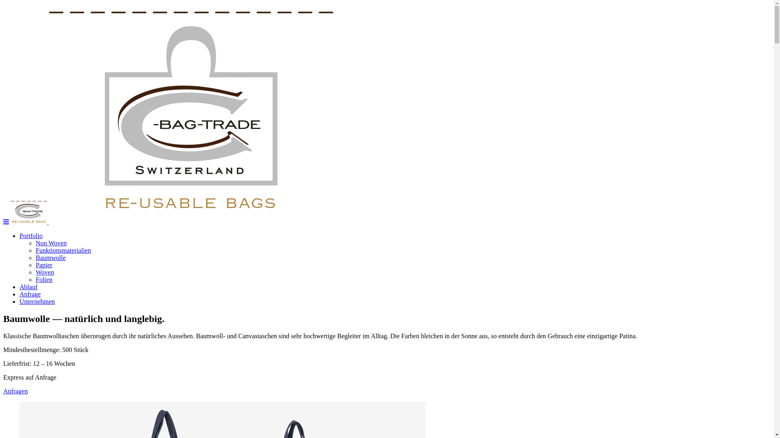 This screenshot has width=780, height=438. What do you see at coordinates (44, 272) in the screenshot?
I see `'Woven'` at bounding box center [44, 272].